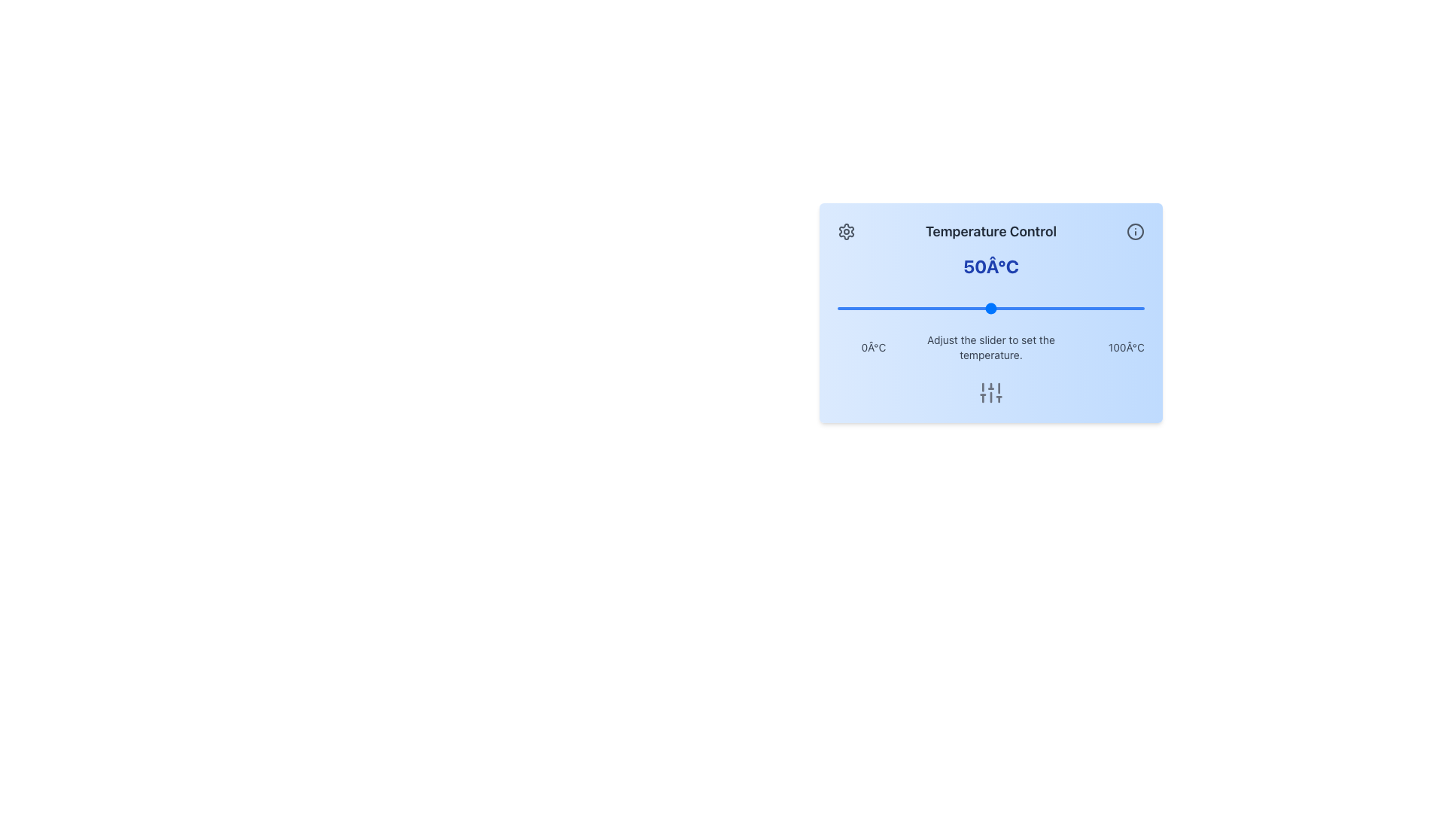 This screenshot has width=1445, height=813. I want to click on temperature, so click(862, 307).